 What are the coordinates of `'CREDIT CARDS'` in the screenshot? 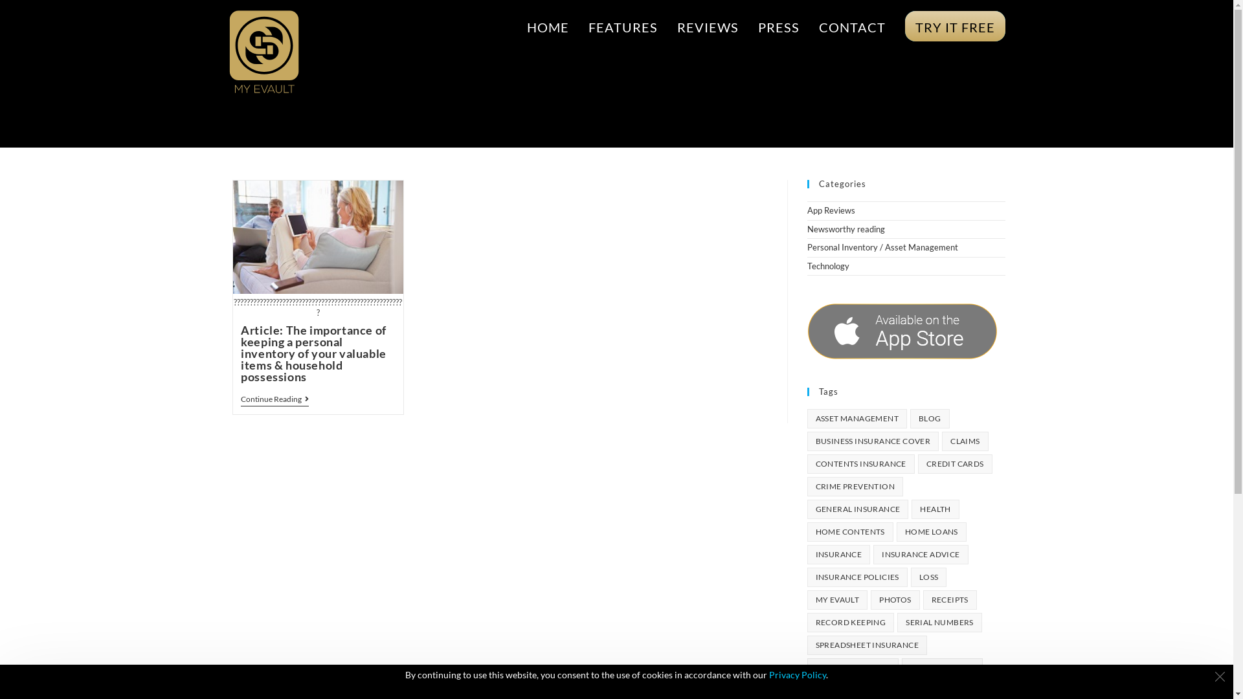 It's located at (955, 463).